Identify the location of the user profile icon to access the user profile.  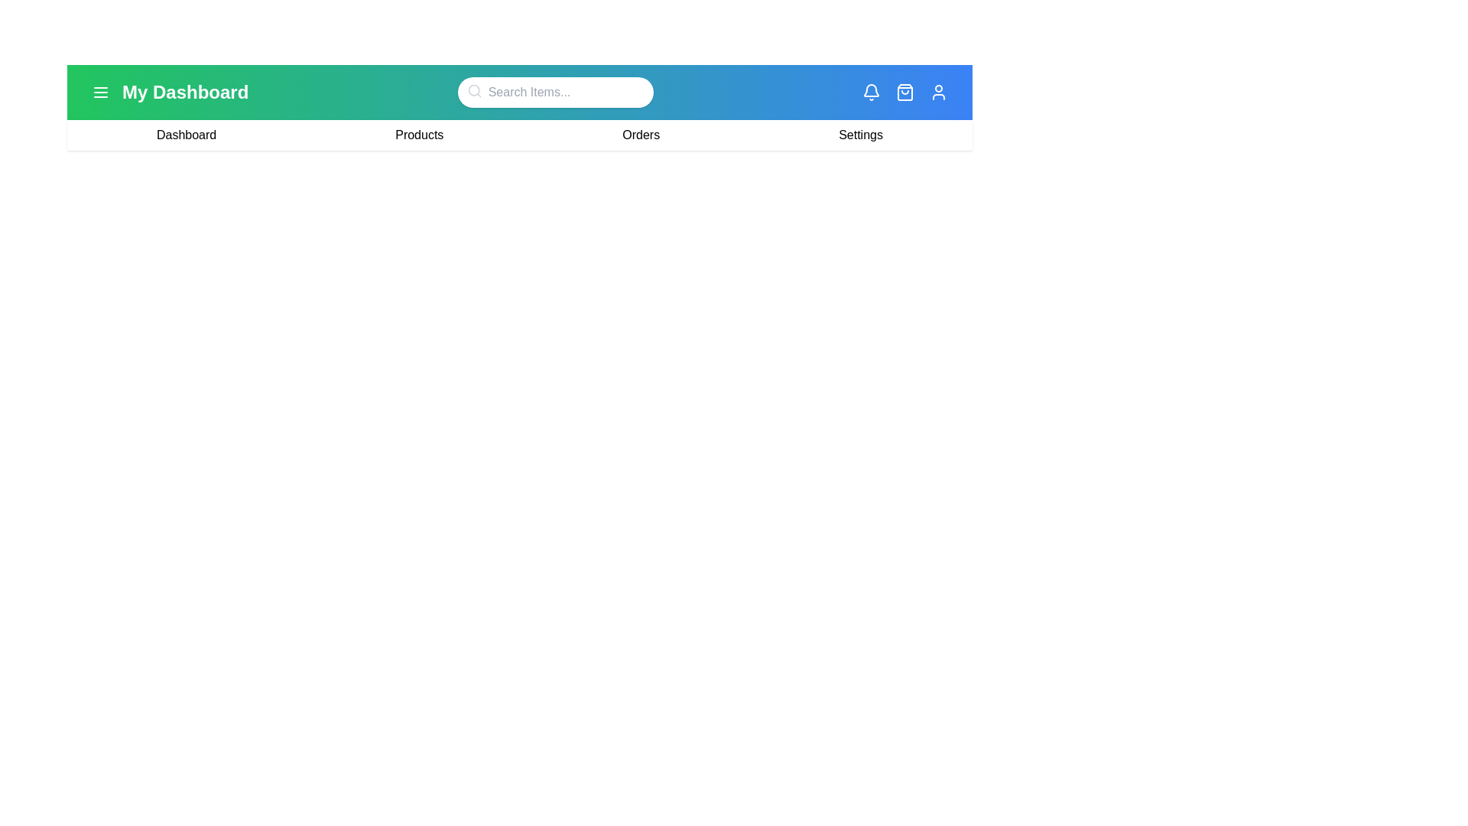
(938, 92).